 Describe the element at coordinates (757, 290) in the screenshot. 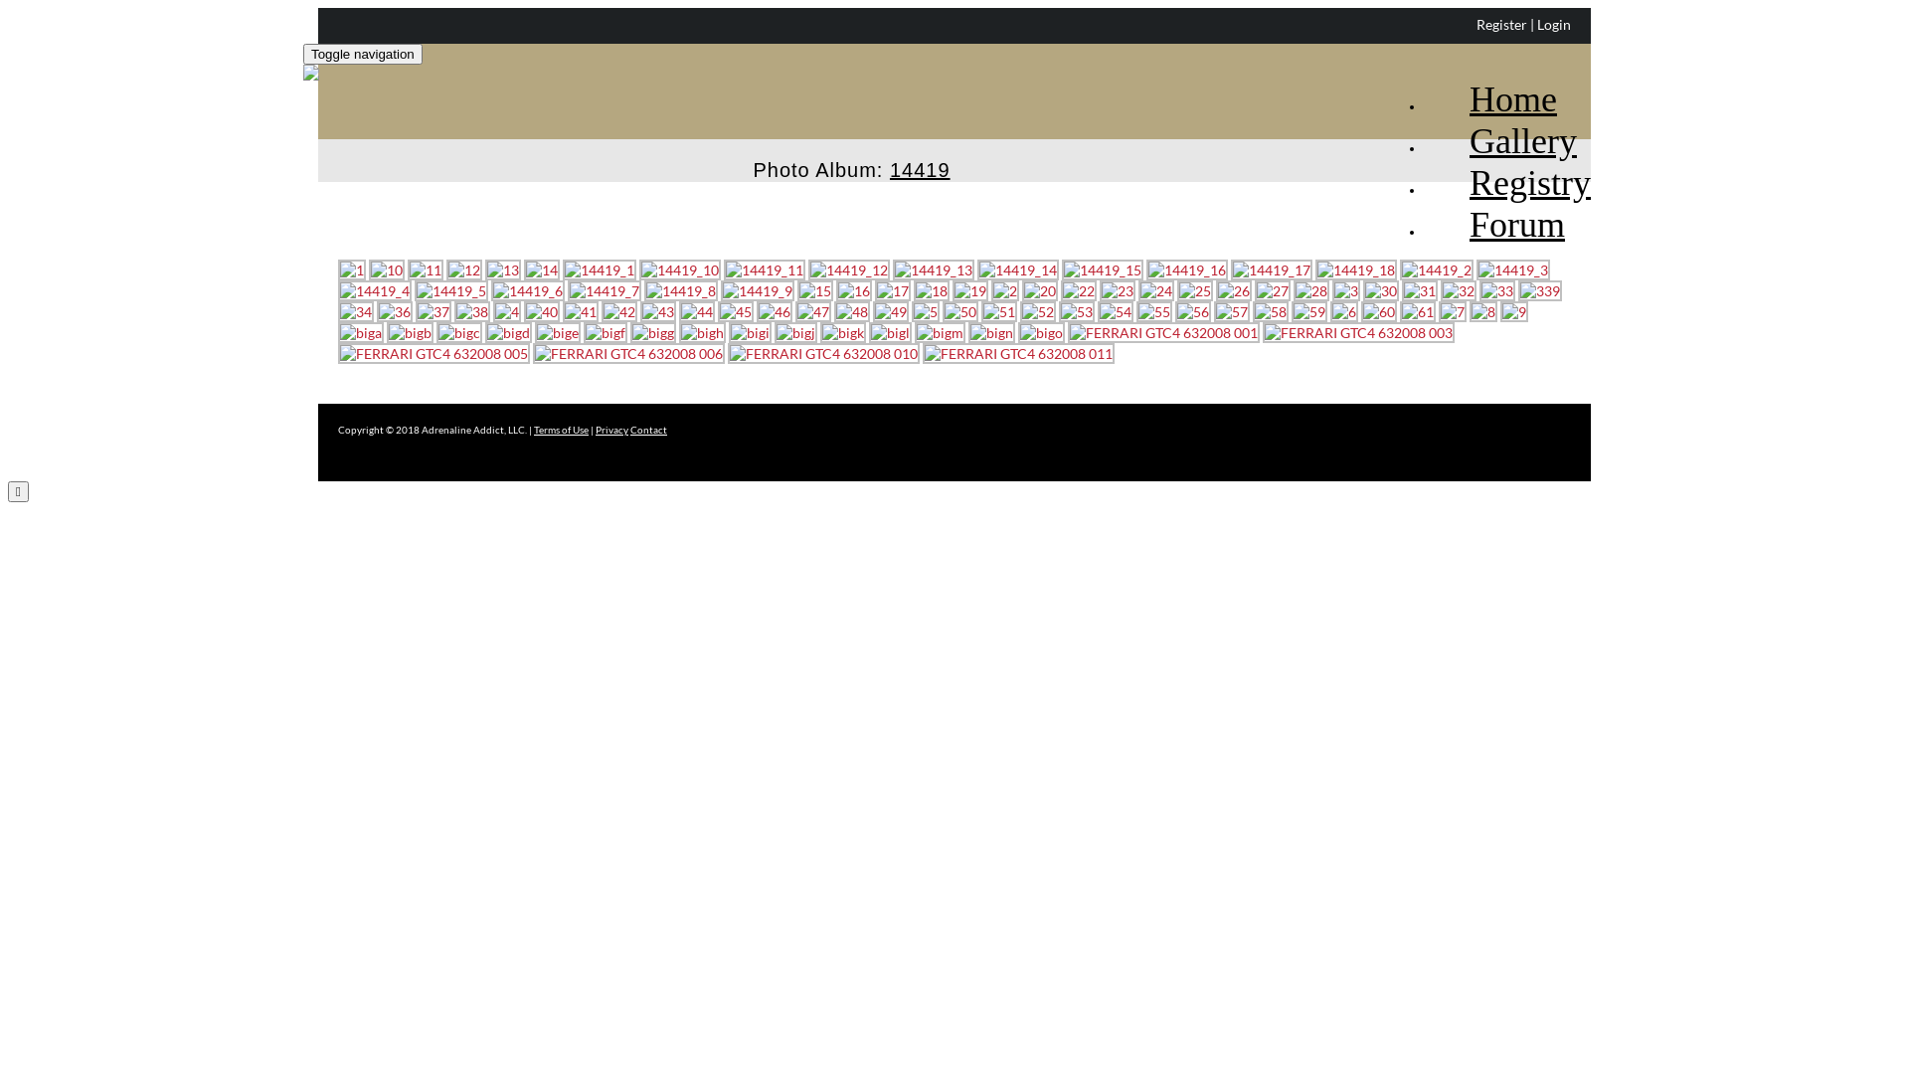

I see `'14419_9 (click to enlarge)'` at that location.